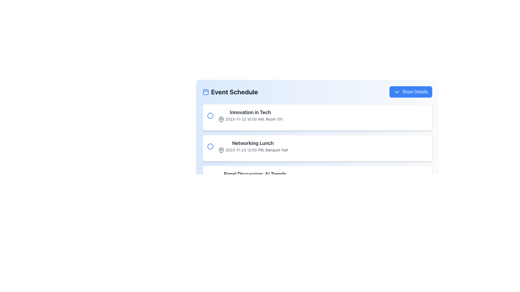 The height and width of the screenshot is (292, 520). What do you see at coordinates (221, 150) in the screenshot?
I see `the map pin icon that visually indicates the location for the 'Networking Lunch' event, positioned to the left of the text '2023-11-23 12:00 PM, Banquet Hall'` at bounding box center [221, 150].